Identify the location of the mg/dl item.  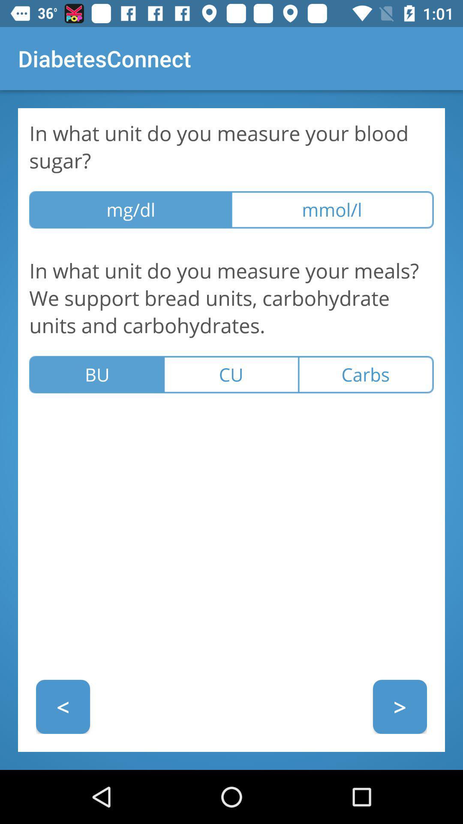
(130, 210).